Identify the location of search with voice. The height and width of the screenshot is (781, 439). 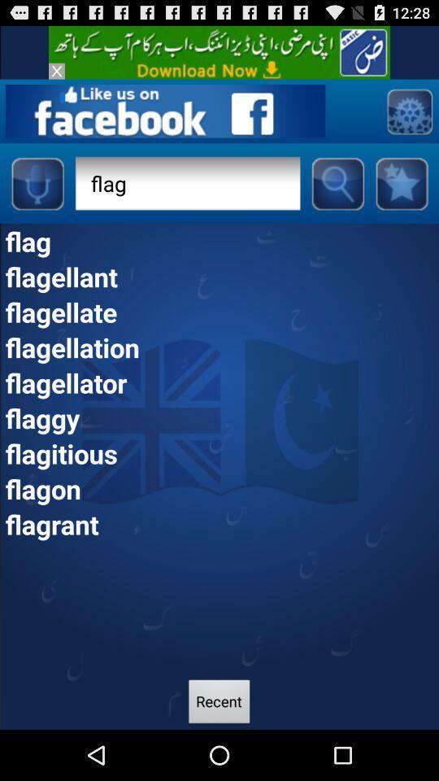
(37, 183).